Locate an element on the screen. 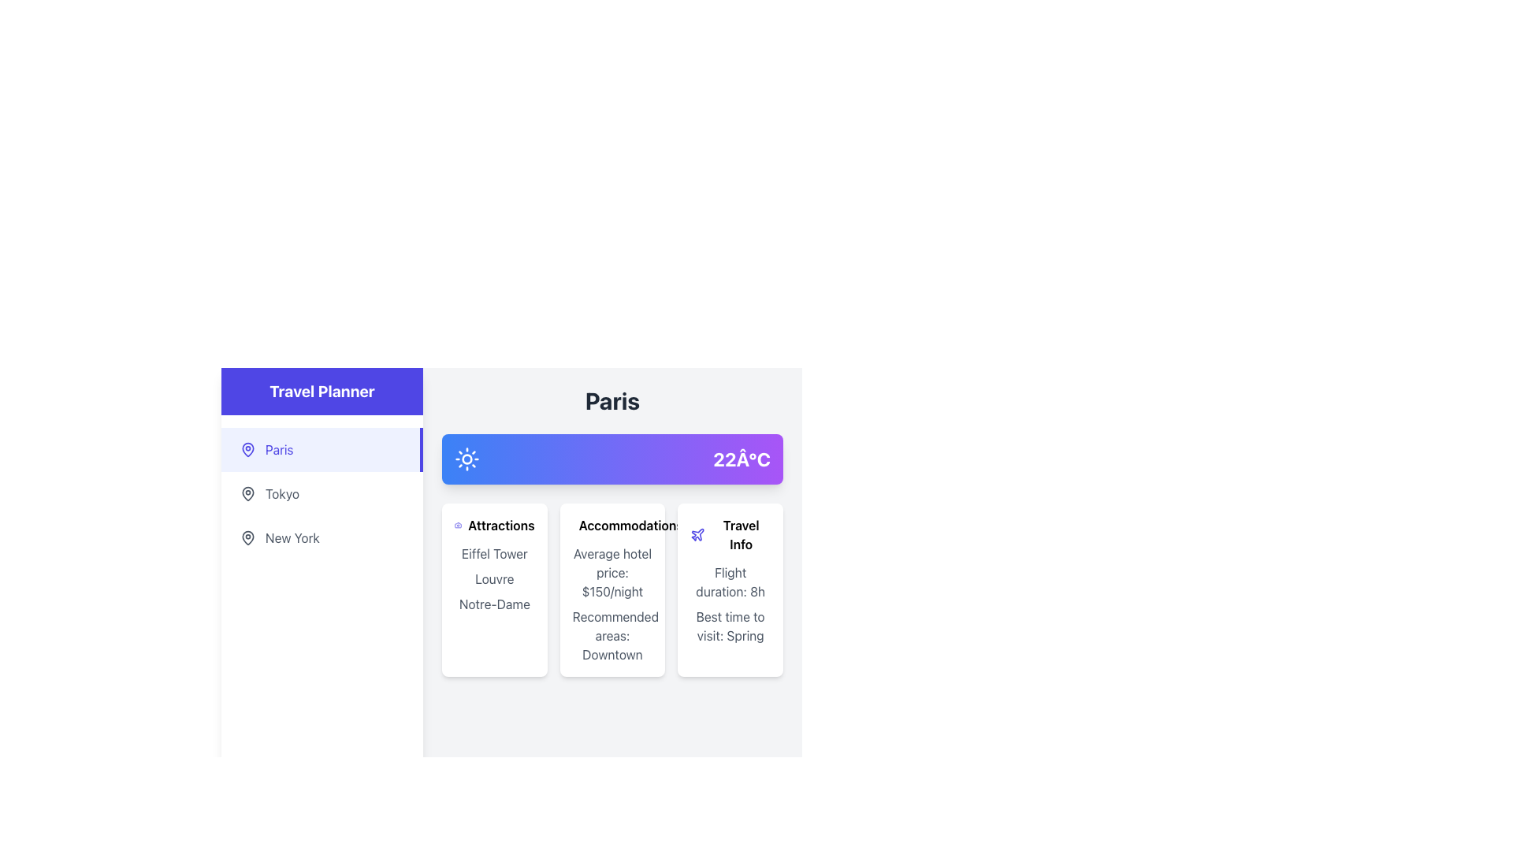  the Text Display element that shows 'Average hotel price:' and '$150/night' within the 'Accommodation' card is located at coordinates (612, 572).